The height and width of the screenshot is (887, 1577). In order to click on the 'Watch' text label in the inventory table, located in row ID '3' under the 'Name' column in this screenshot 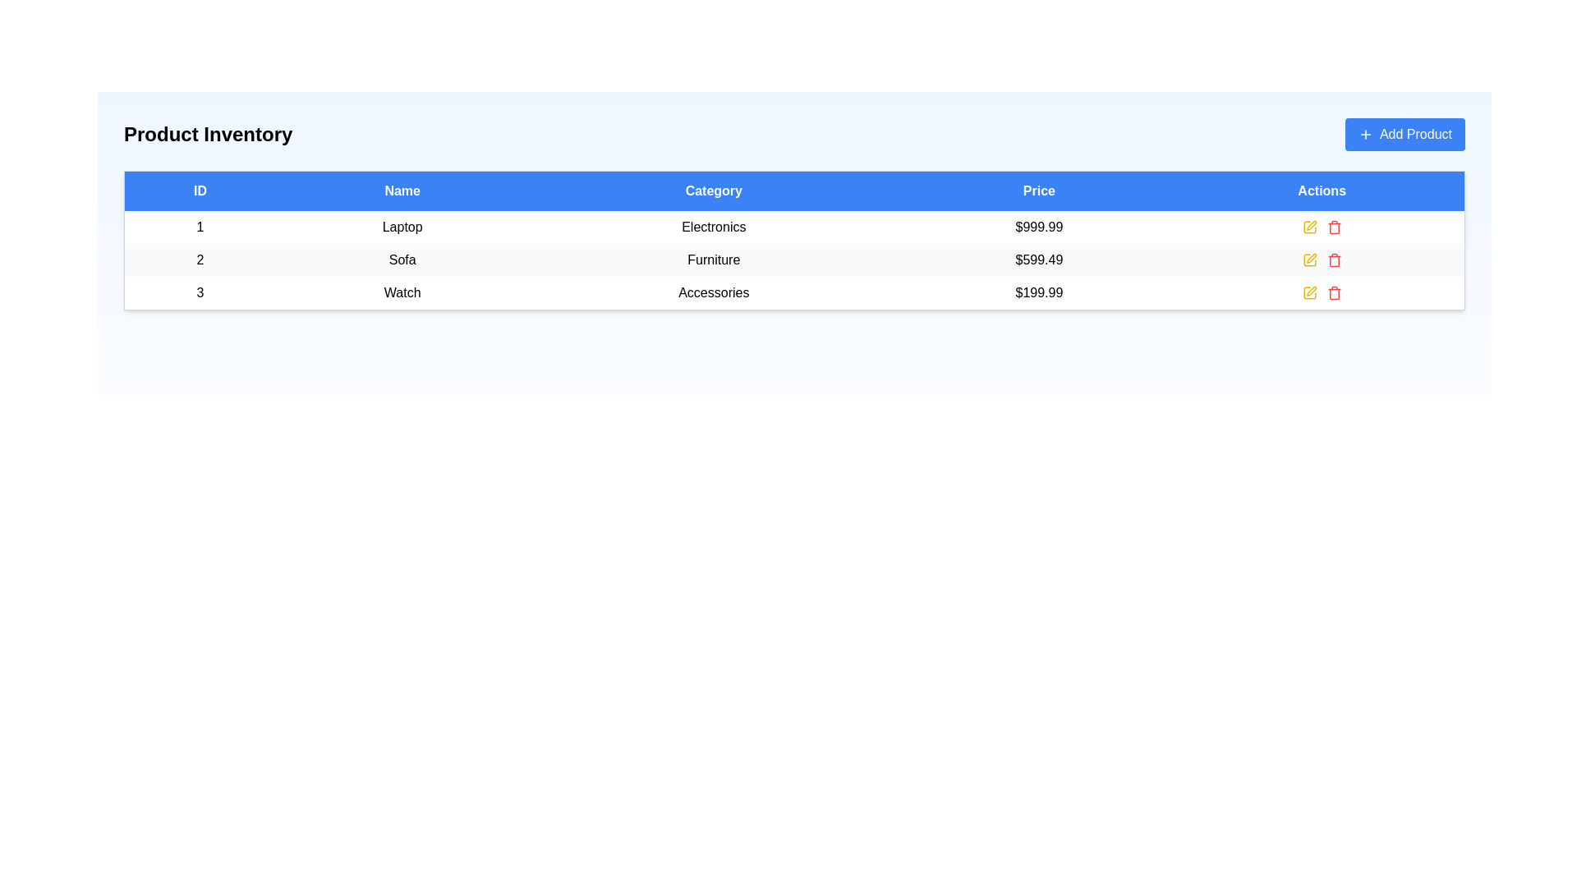, I will do `click(402, 292)`.